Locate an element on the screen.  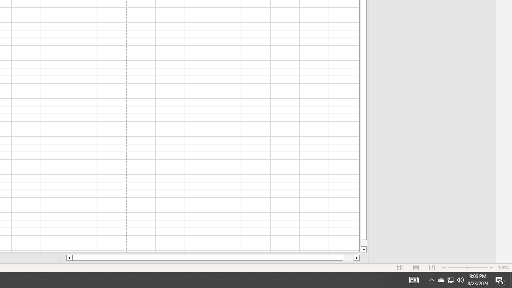
'Zoom Out' is located at coordinates (457, 268).